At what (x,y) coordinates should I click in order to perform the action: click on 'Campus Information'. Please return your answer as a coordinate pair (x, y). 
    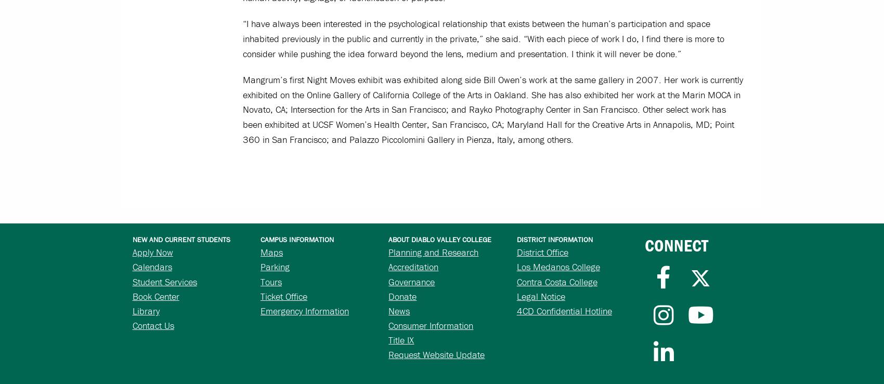
    Looking at the image, I should click on (296, 239).